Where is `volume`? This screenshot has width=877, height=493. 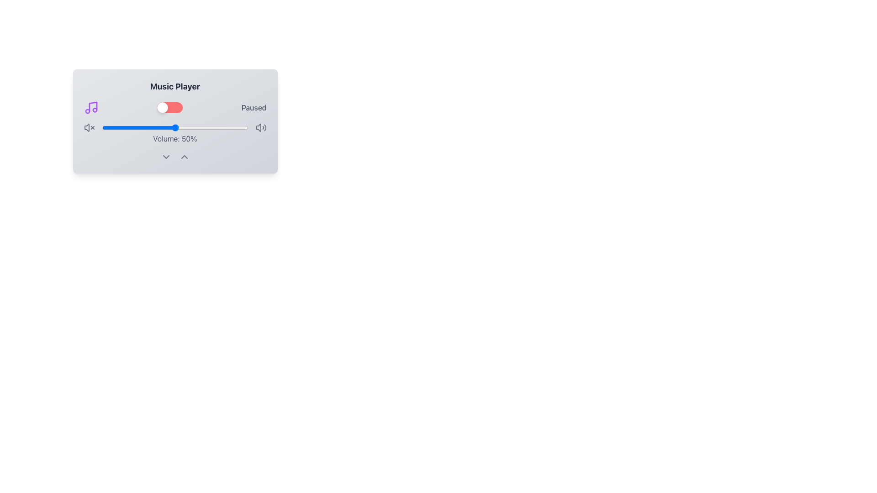
volume is located at coordinates (247, 128).